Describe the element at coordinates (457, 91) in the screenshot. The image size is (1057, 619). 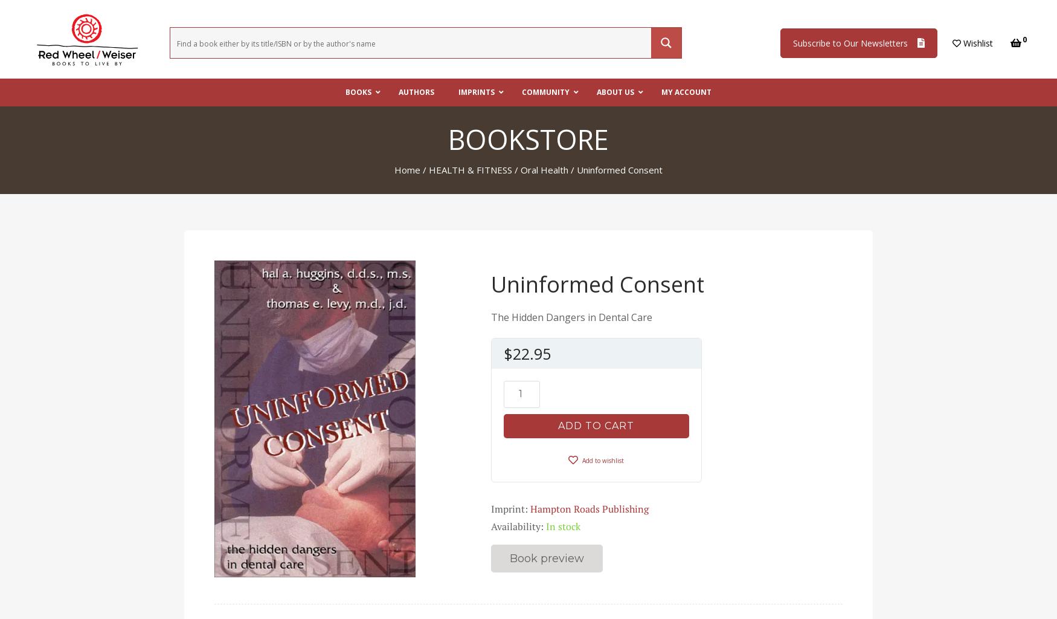
I see `'IMPRINTS'` at that location.